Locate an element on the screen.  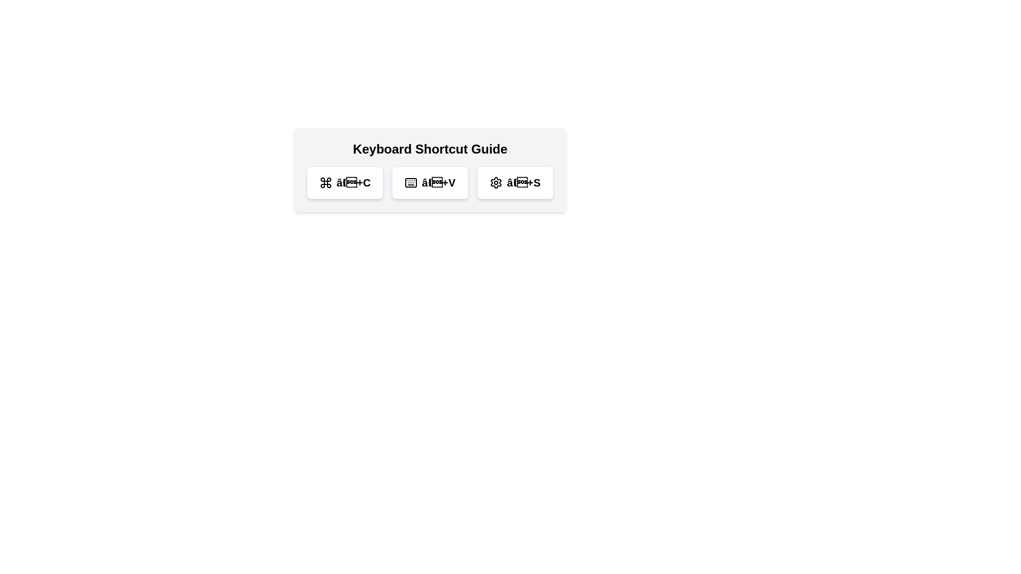
the second button in the horizontal series displaying the keyboard shortcut '⌘+V' is located at coordinates (430, 182).